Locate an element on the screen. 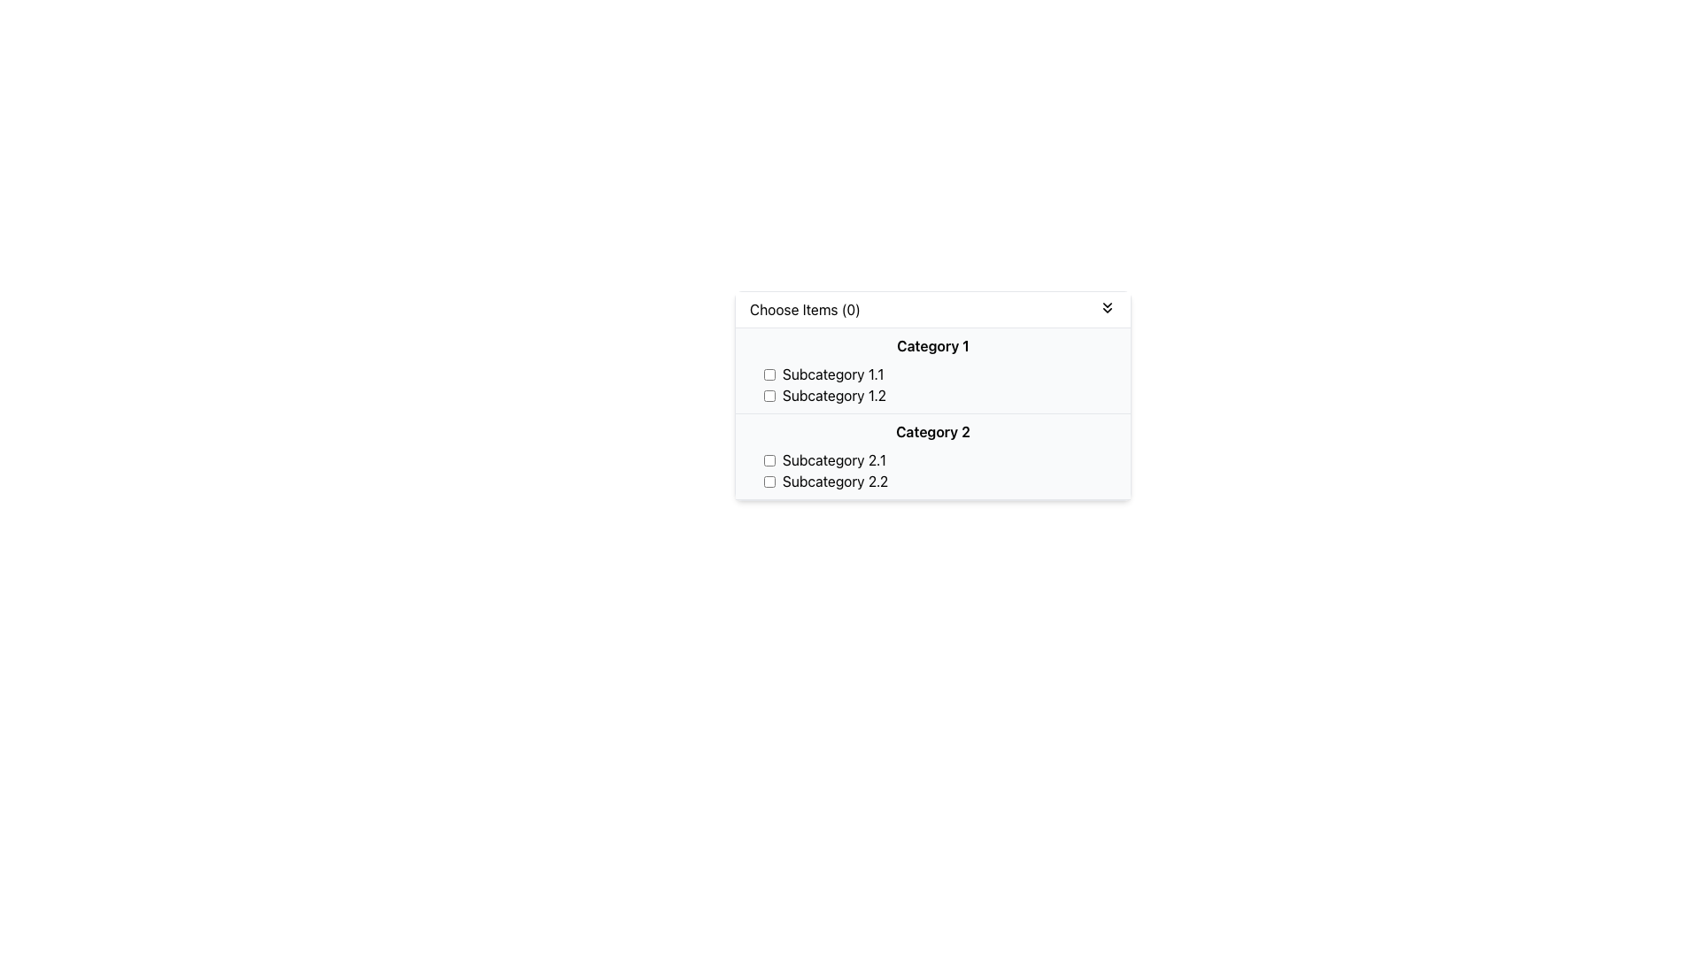  the 'Category 2' text label element, which is styled in bold black lettering and positioned within a dropdown menu interface, directly after 'Category 1' is located at coordinates (932, 432).